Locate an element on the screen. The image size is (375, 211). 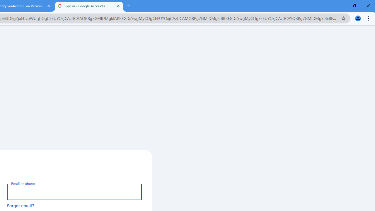
'Forgot email?' is located at coordinates (21, 205).